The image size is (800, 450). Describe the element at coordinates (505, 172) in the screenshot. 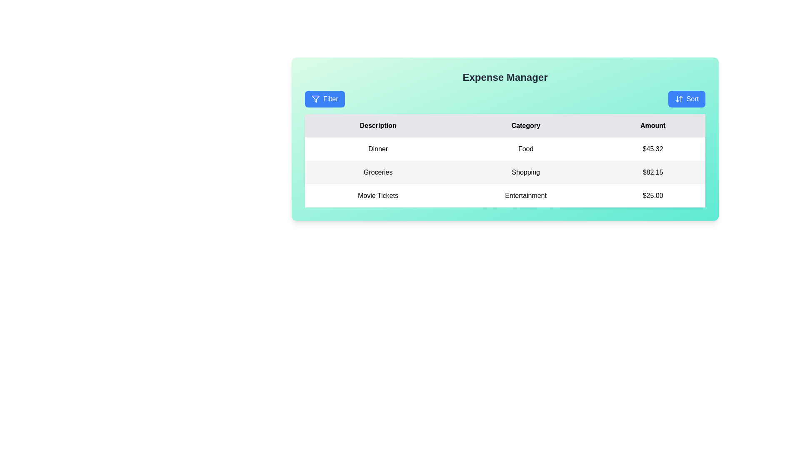

I see `values displayed in the second row of the expense table, which includes the category 'Groceries', type 'Shopping', and cost '$82.15'` at that location.